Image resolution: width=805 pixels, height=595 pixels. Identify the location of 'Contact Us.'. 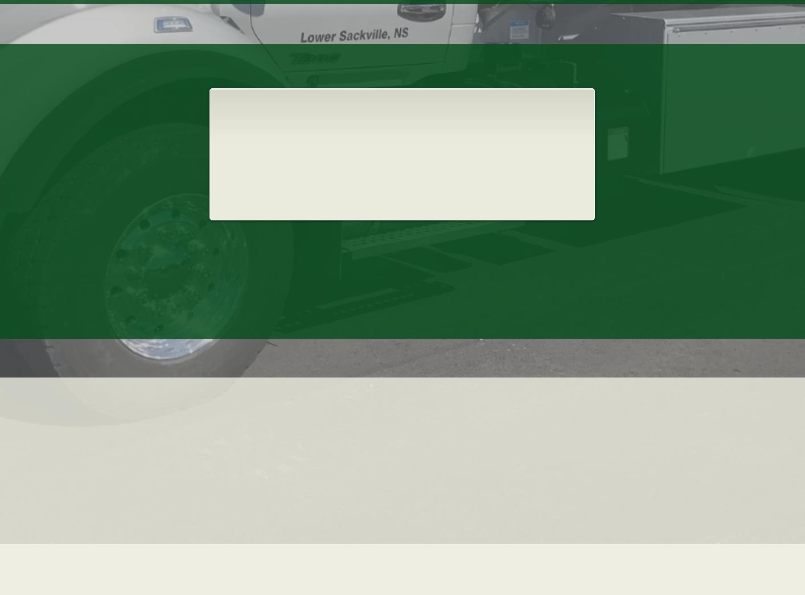
(477, 310).